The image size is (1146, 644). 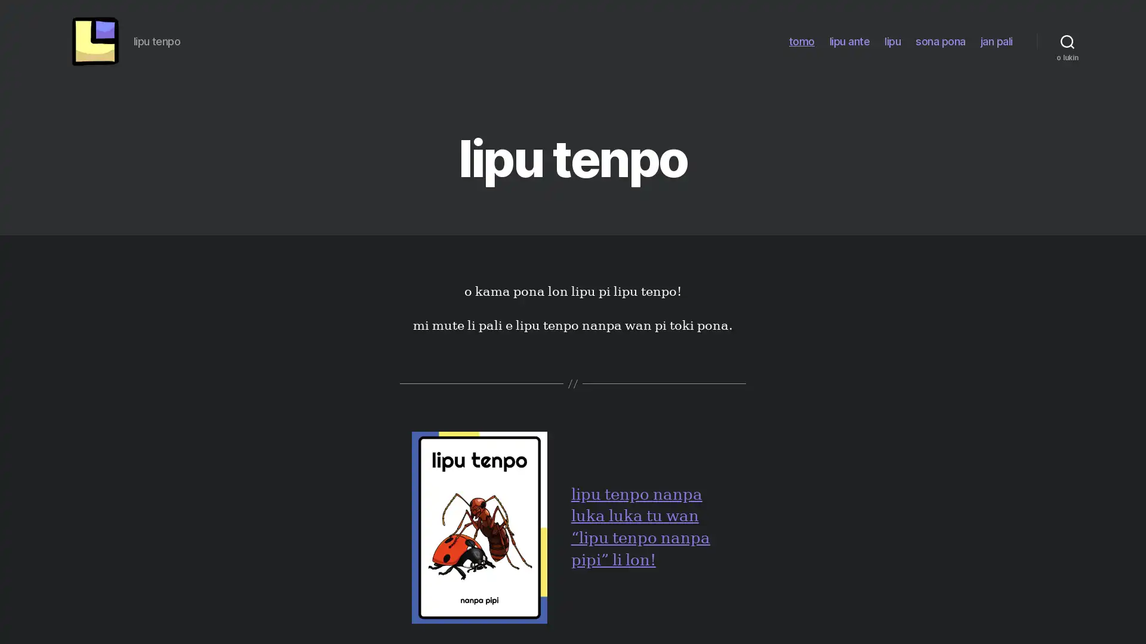 What do you see at coordinates (1067, 43) in the screenshot?
I see `o lukin` at bounding box center [1067, 43].